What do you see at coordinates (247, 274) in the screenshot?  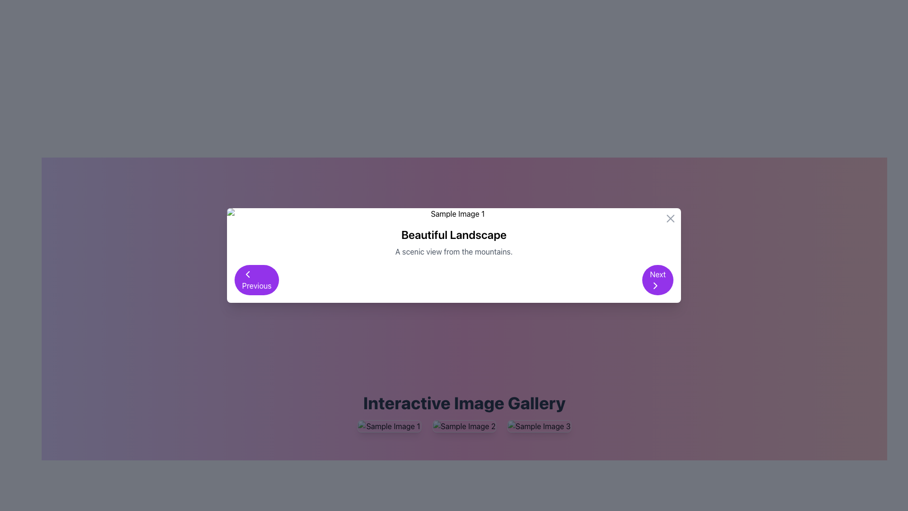 I see `the left-pointing chevron icon within the 'Previous' button` at bounding box center [247, 274].